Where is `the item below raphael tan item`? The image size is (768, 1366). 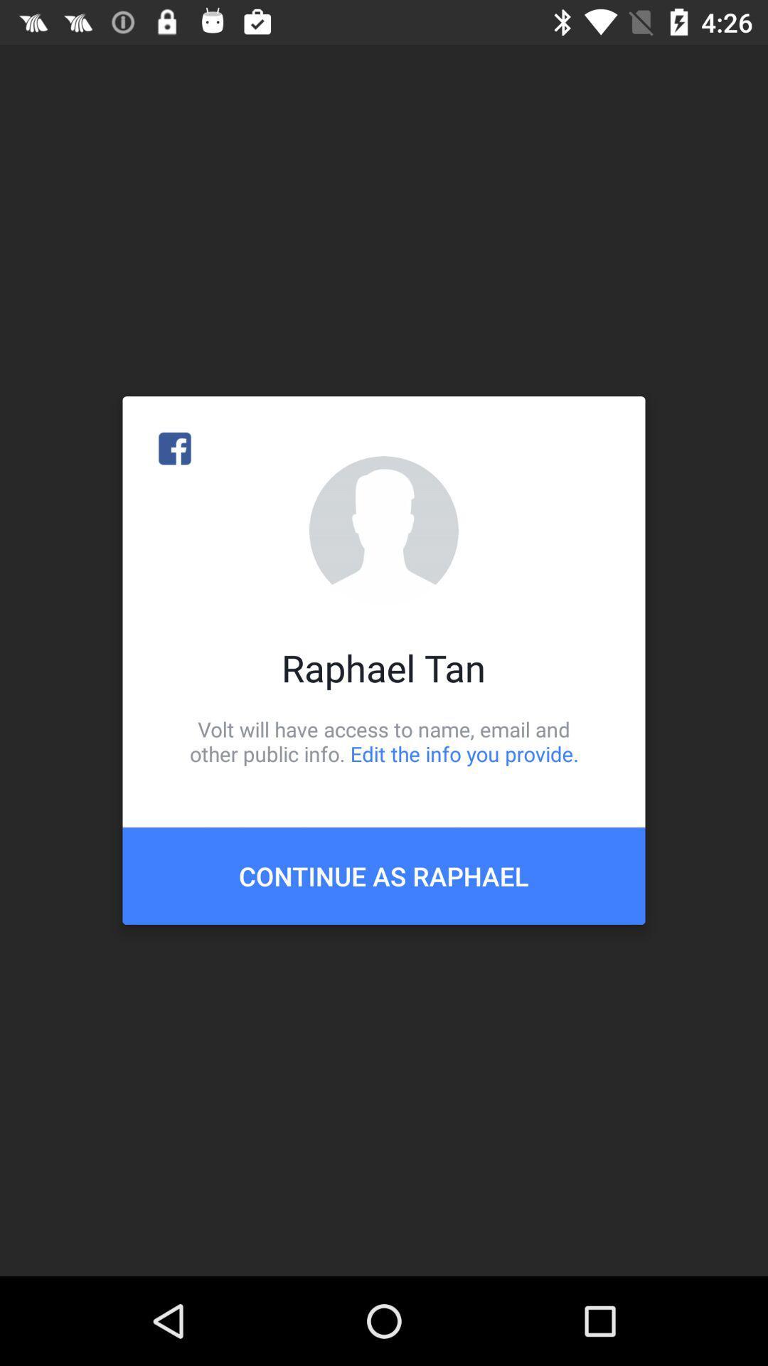
the item below raphael tan item is located at coordinates (384, 741).